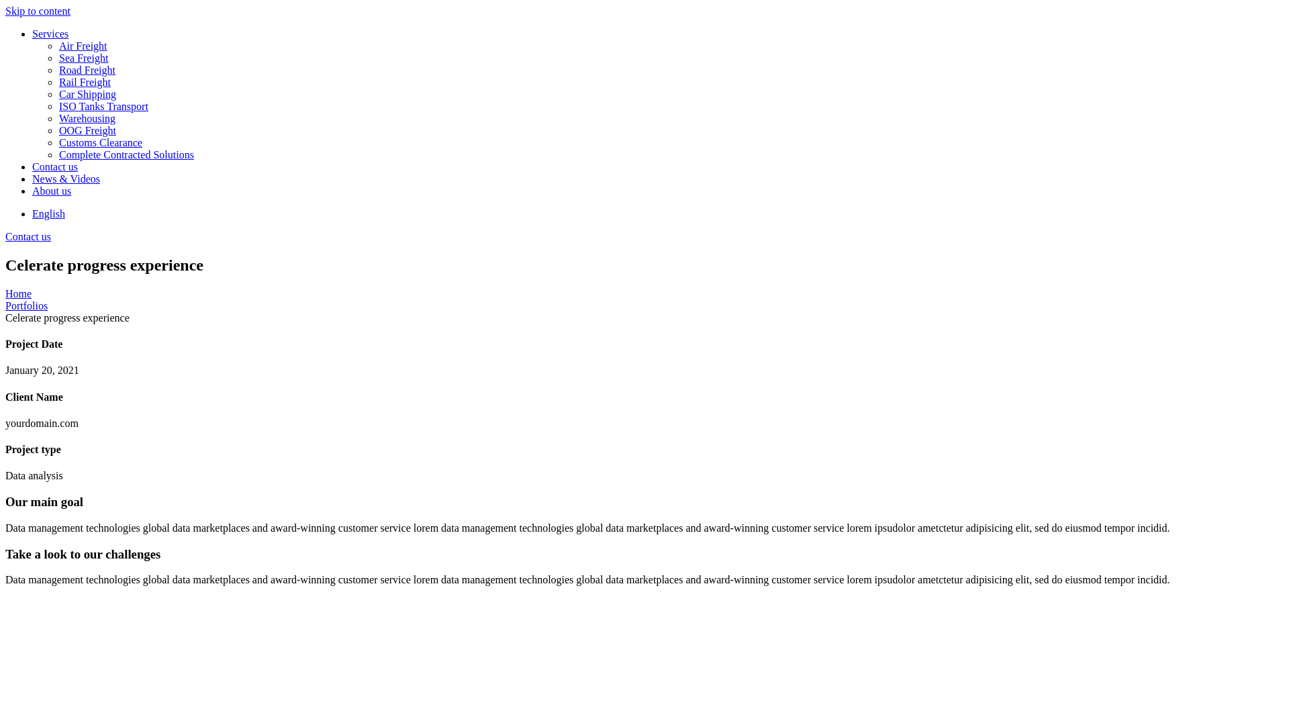  What do you see at coordinates (28, 236) in the screenshot?
I see `'Contact us'` at bounding box center [28, 236].